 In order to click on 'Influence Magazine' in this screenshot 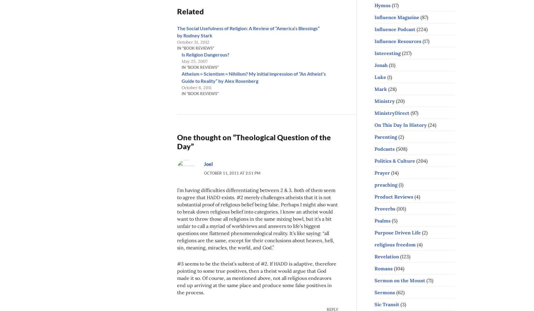, I will do `click(397, 16)`.